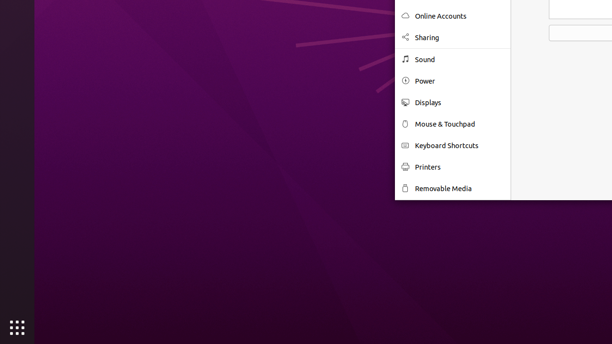  What do you see at coordinates (459, 123) in the screenshot?
I see `'Mouse & Touchpad'` at bounding box center [459, 123].